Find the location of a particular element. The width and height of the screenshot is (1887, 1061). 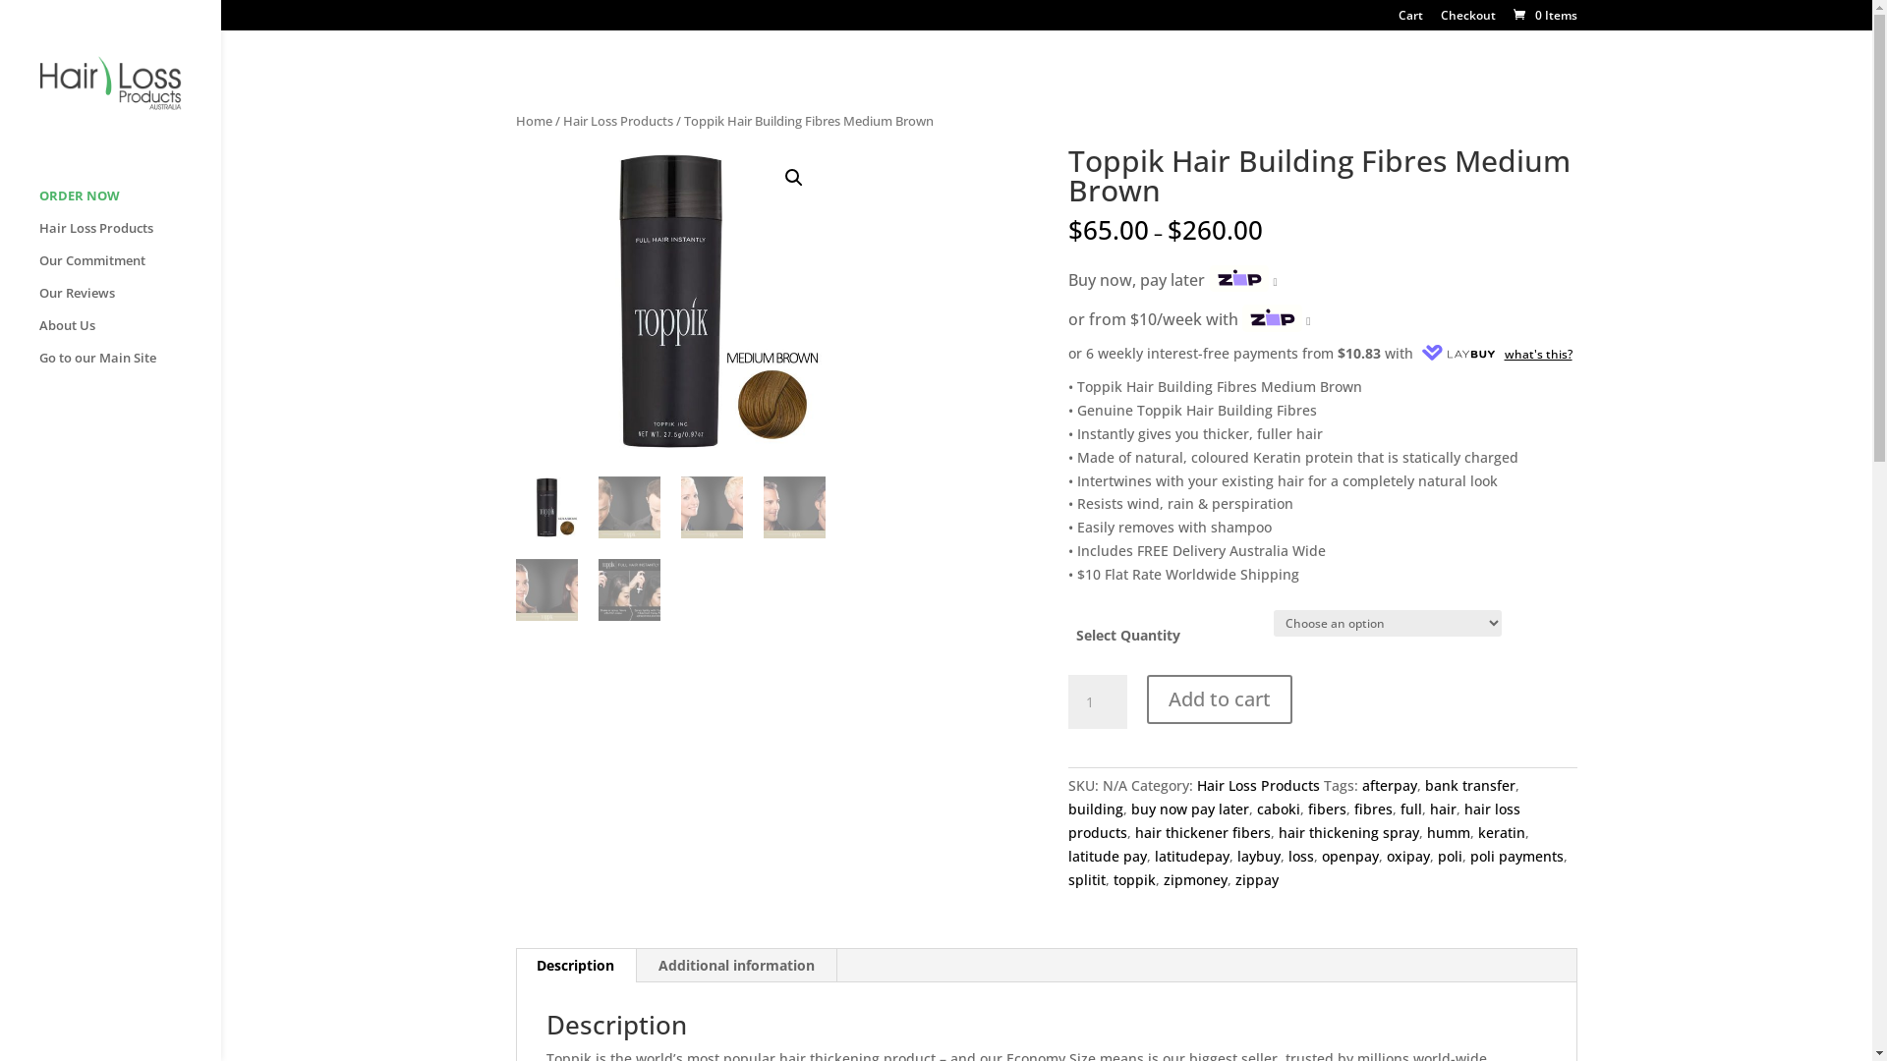

'keratin' is located at coordinates (1477, 832).